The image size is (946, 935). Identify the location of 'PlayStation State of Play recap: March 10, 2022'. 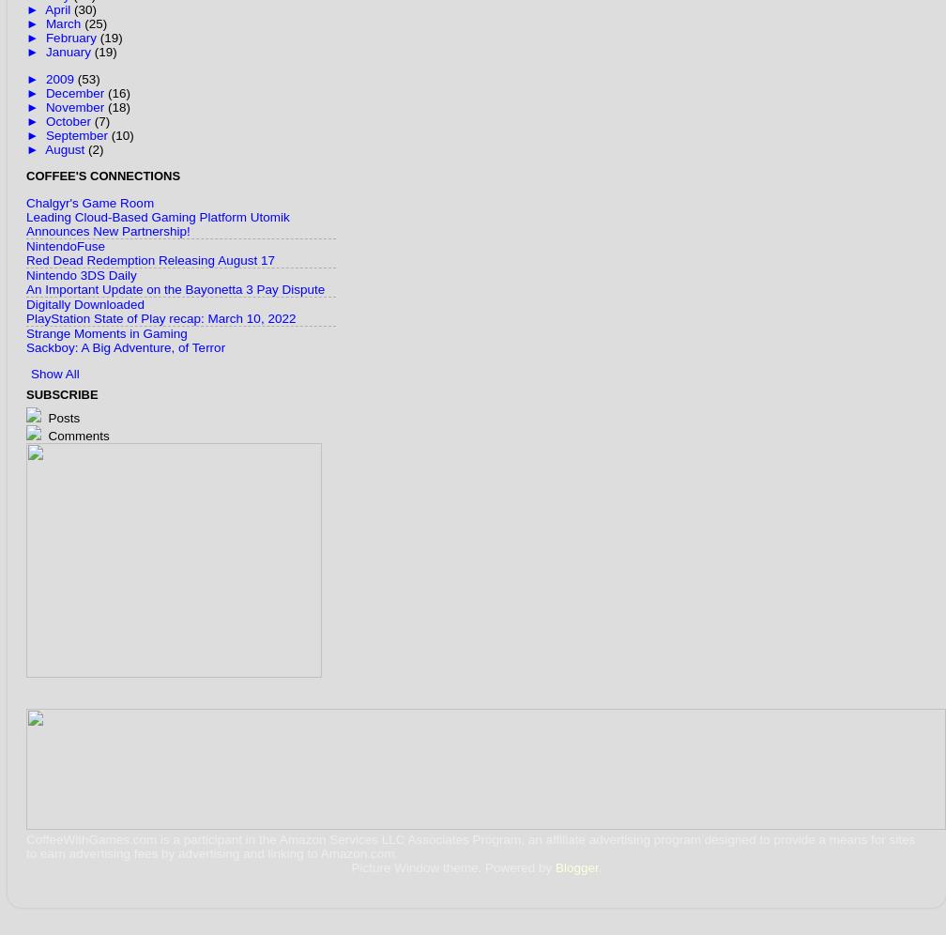
(160, 317).